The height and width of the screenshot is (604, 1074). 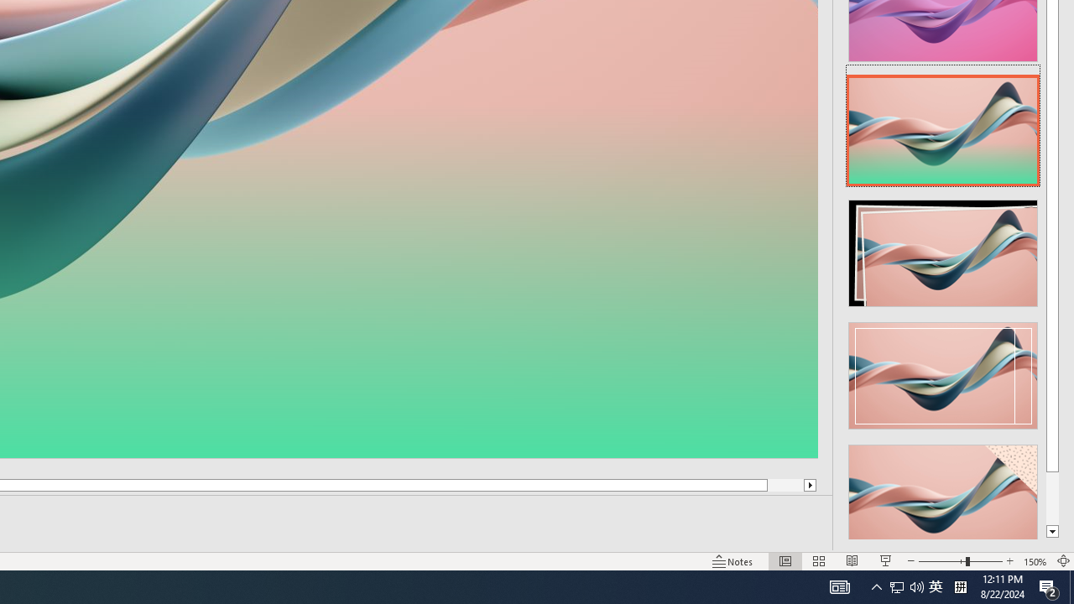 What do you see at coordinates (733, 561) in the screenshot?
I see `'Notes '` at bounding box center [733, 561].